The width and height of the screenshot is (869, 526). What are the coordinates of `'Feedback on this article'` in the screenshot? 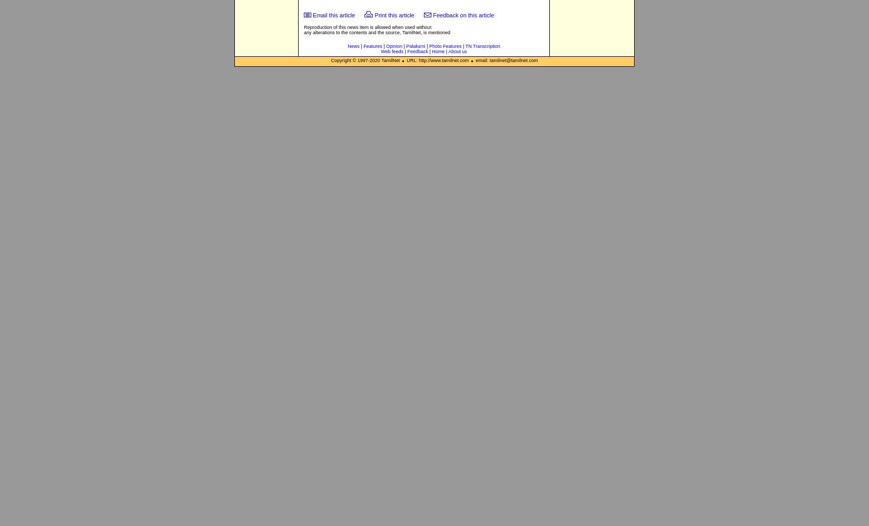 It's located at (432, 15).